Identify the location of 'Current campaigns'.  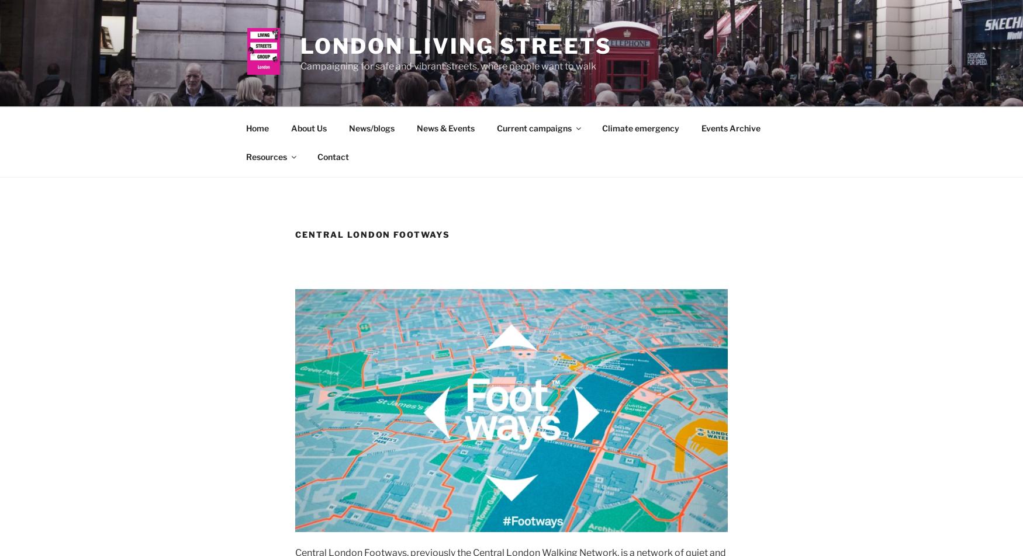
(533, 127).